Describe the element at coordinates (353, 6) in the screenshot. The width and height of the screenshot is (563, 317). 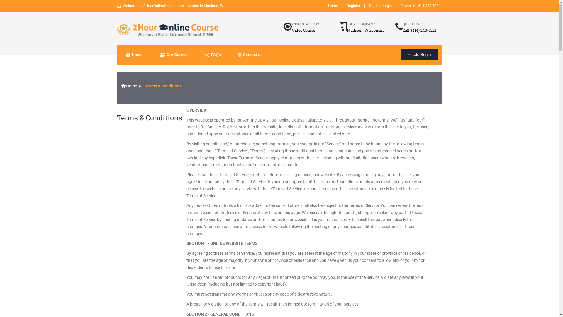
I see `'Register'` at that location.